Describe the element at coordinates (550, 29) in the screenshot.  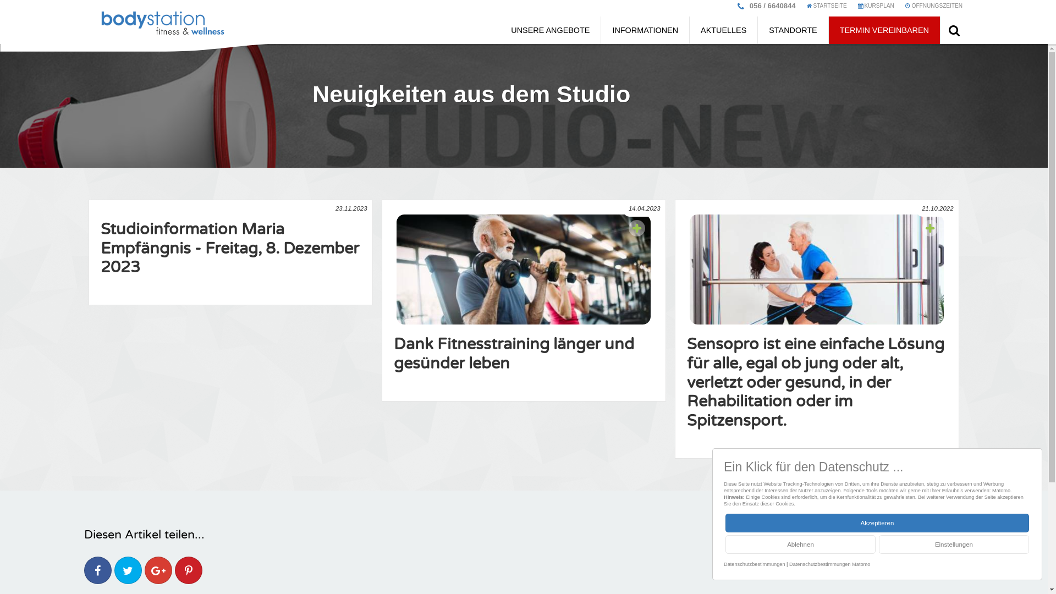
I see `'UNSERE ANGEBOTE'` at that location.